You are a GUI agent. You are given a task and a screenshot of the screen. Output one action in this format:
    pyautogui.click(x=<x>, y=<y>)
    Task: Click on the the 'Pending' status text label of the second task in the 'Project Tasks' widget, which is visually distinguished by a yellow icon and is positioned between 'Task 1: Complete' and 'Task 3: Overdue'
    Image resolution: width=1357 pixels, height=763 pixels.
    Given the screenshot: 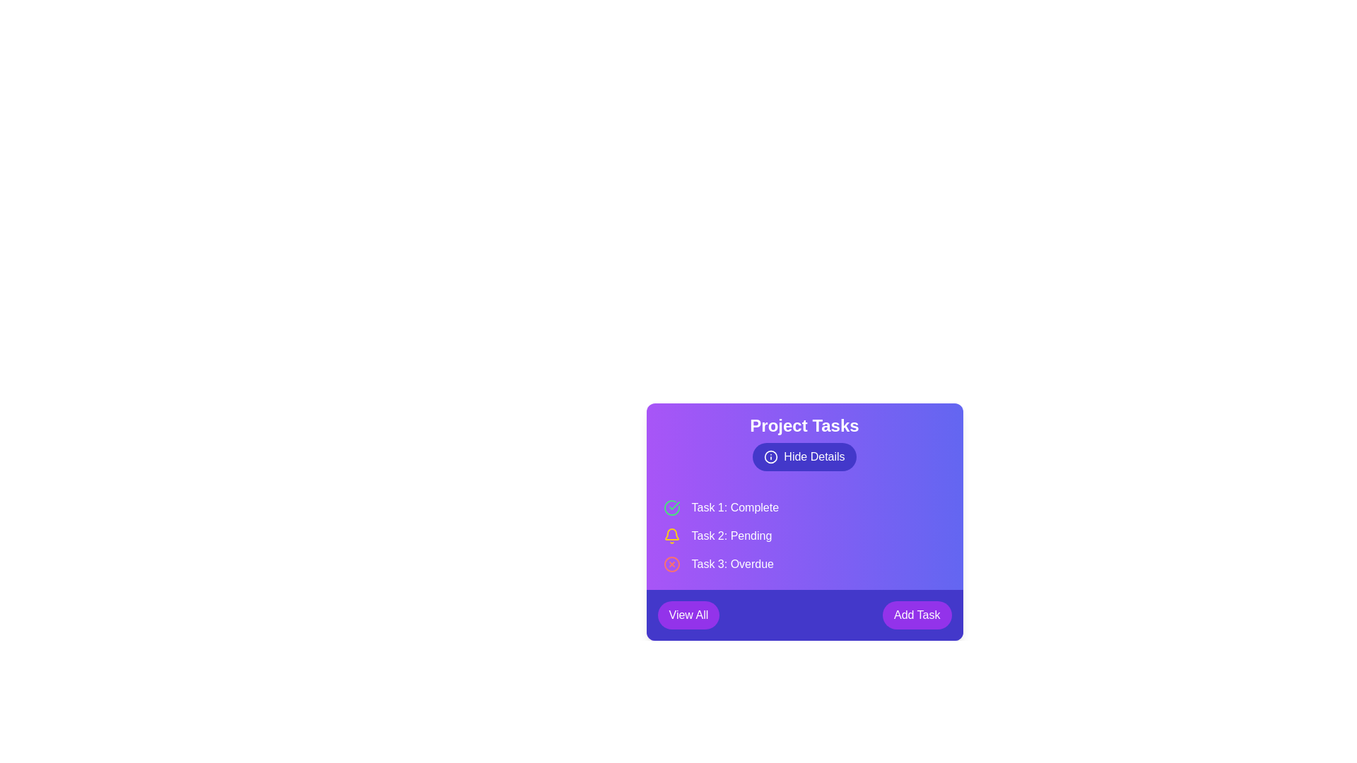 What is the action you would take?
    pyautogui.click(x=732, y=536)
    